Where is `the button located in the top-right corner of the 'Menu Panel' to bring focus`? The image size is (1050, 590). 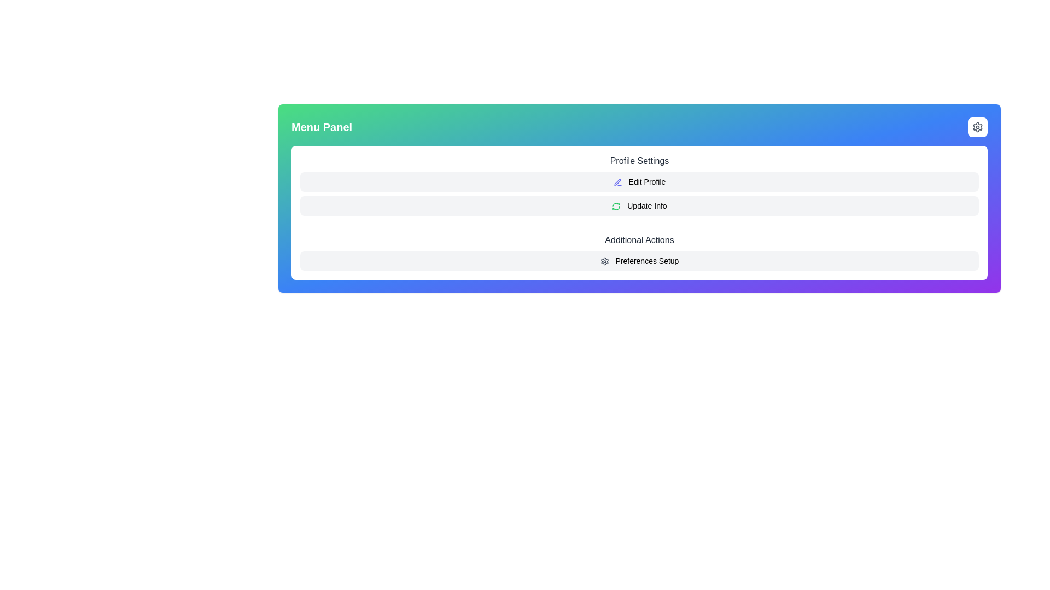 the button located in the top-right corner of the 'Menu Panel' to bring focus is located at coordinates (978, 126).